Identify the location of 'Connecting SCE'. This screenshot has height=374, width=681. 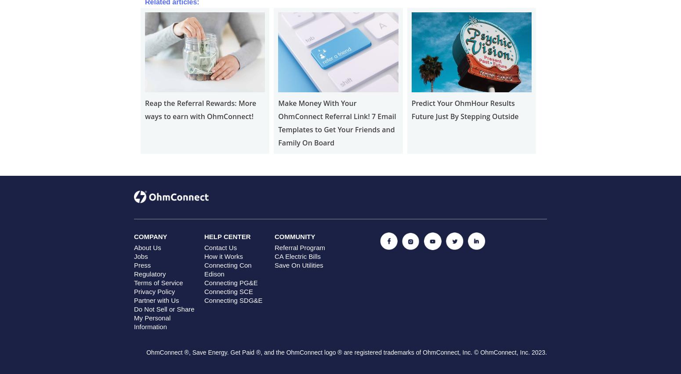
(228, 291).